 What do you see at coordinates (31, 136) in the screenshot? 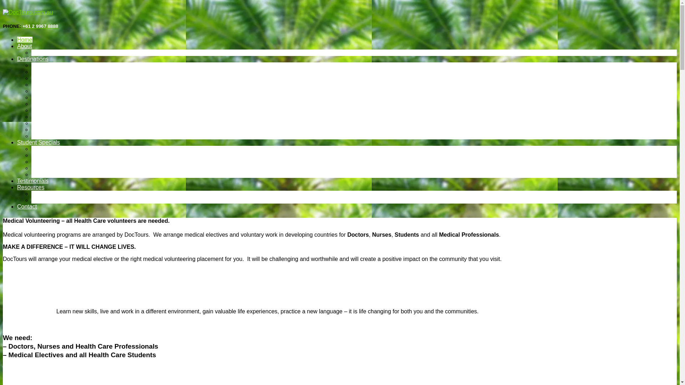
I see `'Photo Galleries'` at bounding box center [31, 136].